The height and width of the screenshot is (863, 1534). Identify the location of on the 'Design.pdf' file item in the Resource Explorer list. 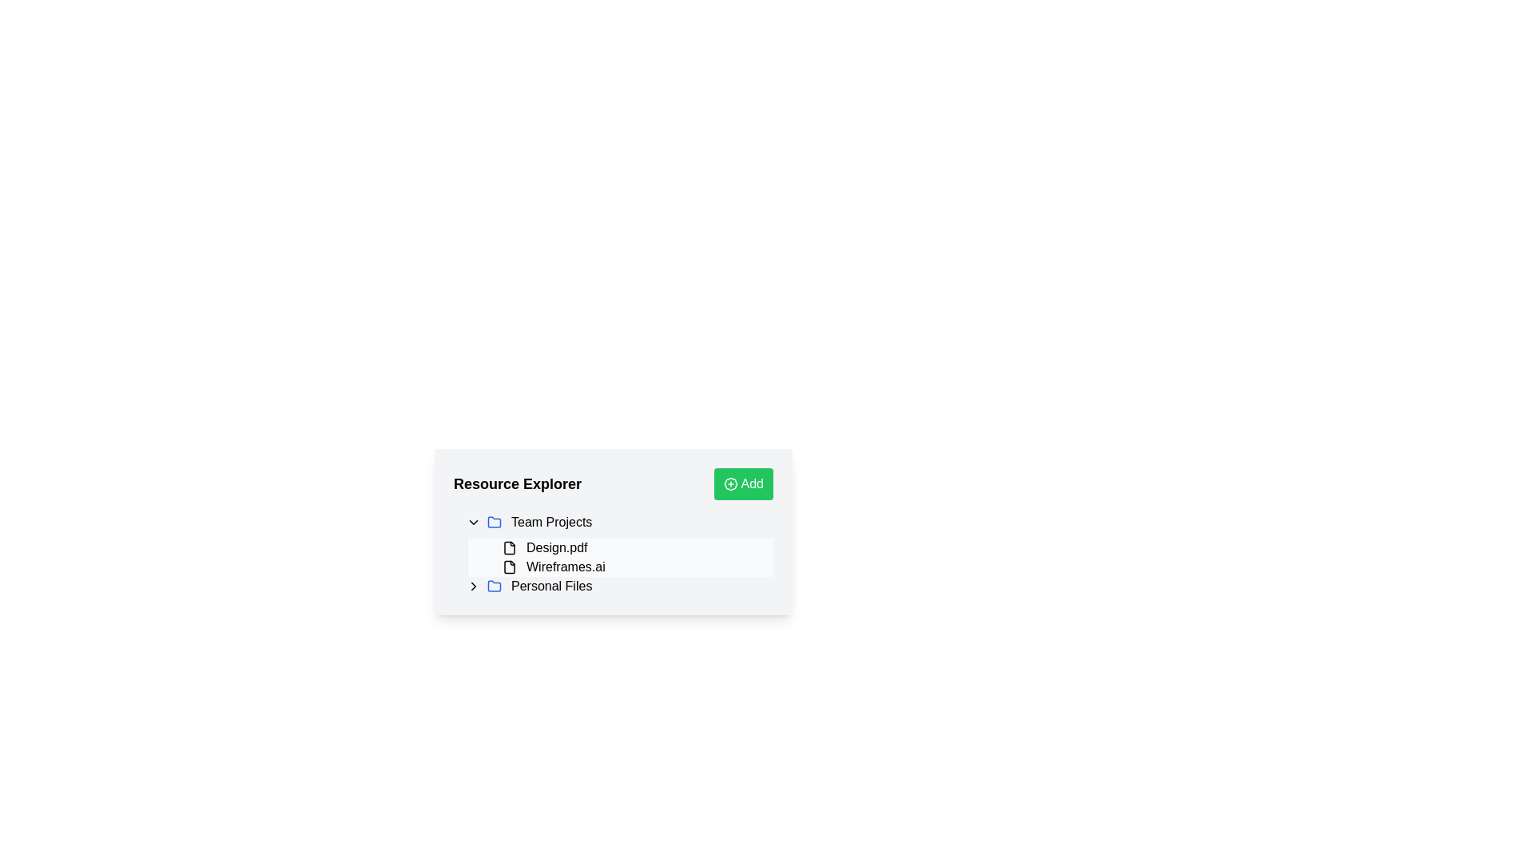
(627, 547).